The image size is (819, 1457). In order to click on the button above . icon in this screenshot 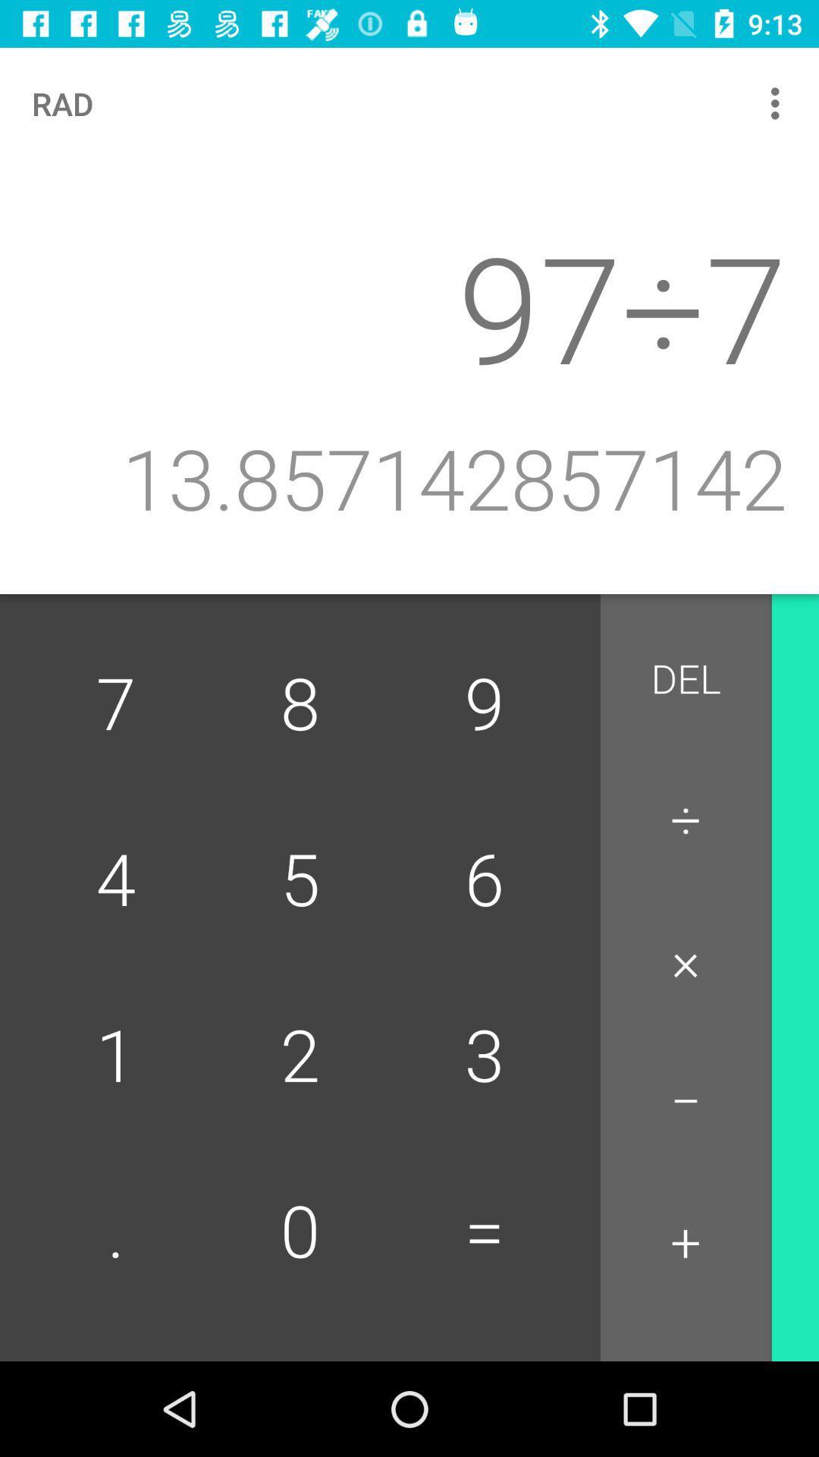, I will do `click(300, 1056)`.